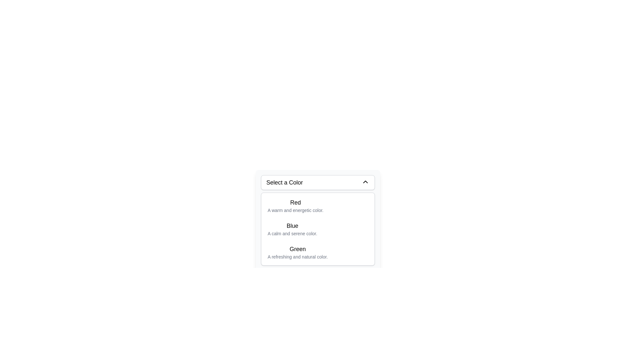 This screenshot has width=621, height=349. I want to click on the text label for the color green within the 'Select a Color' dropdown menu, so click(297, 249).